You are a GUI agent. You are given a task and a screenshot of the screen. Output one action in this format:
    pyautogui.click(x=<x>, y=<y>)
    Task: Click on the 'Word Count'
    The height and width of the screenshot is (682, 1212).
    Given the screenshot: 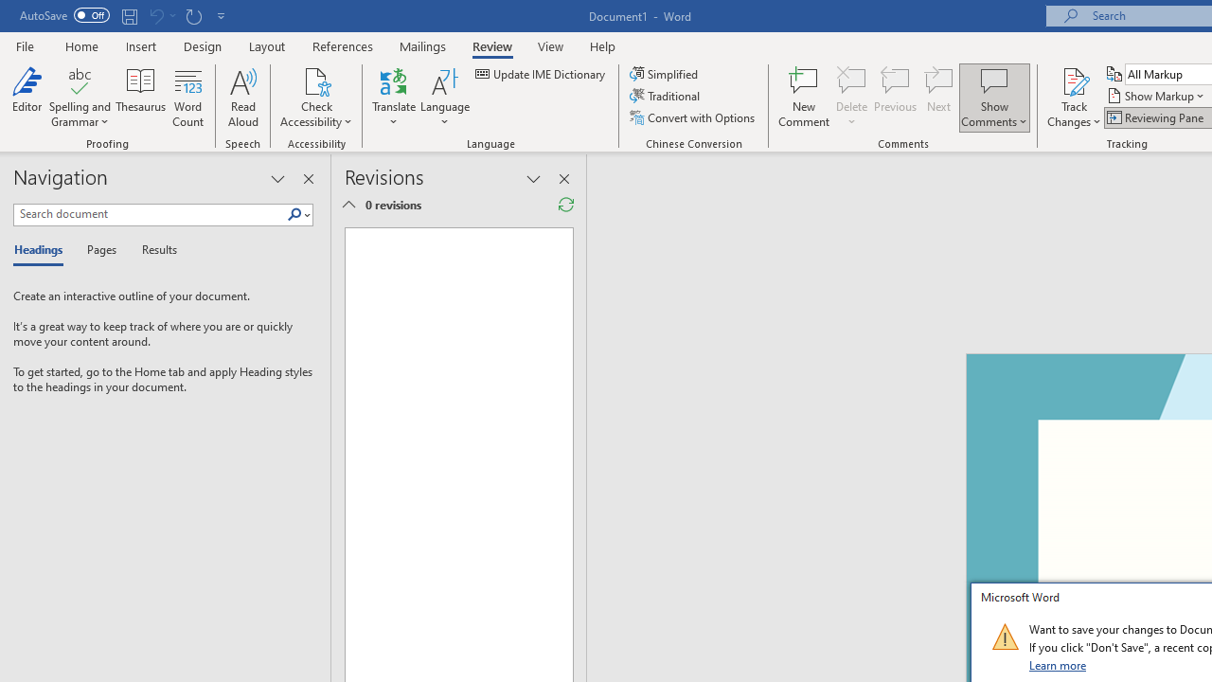 What is the action you would take?
    pyautogui.click(x=188, y=98)
    